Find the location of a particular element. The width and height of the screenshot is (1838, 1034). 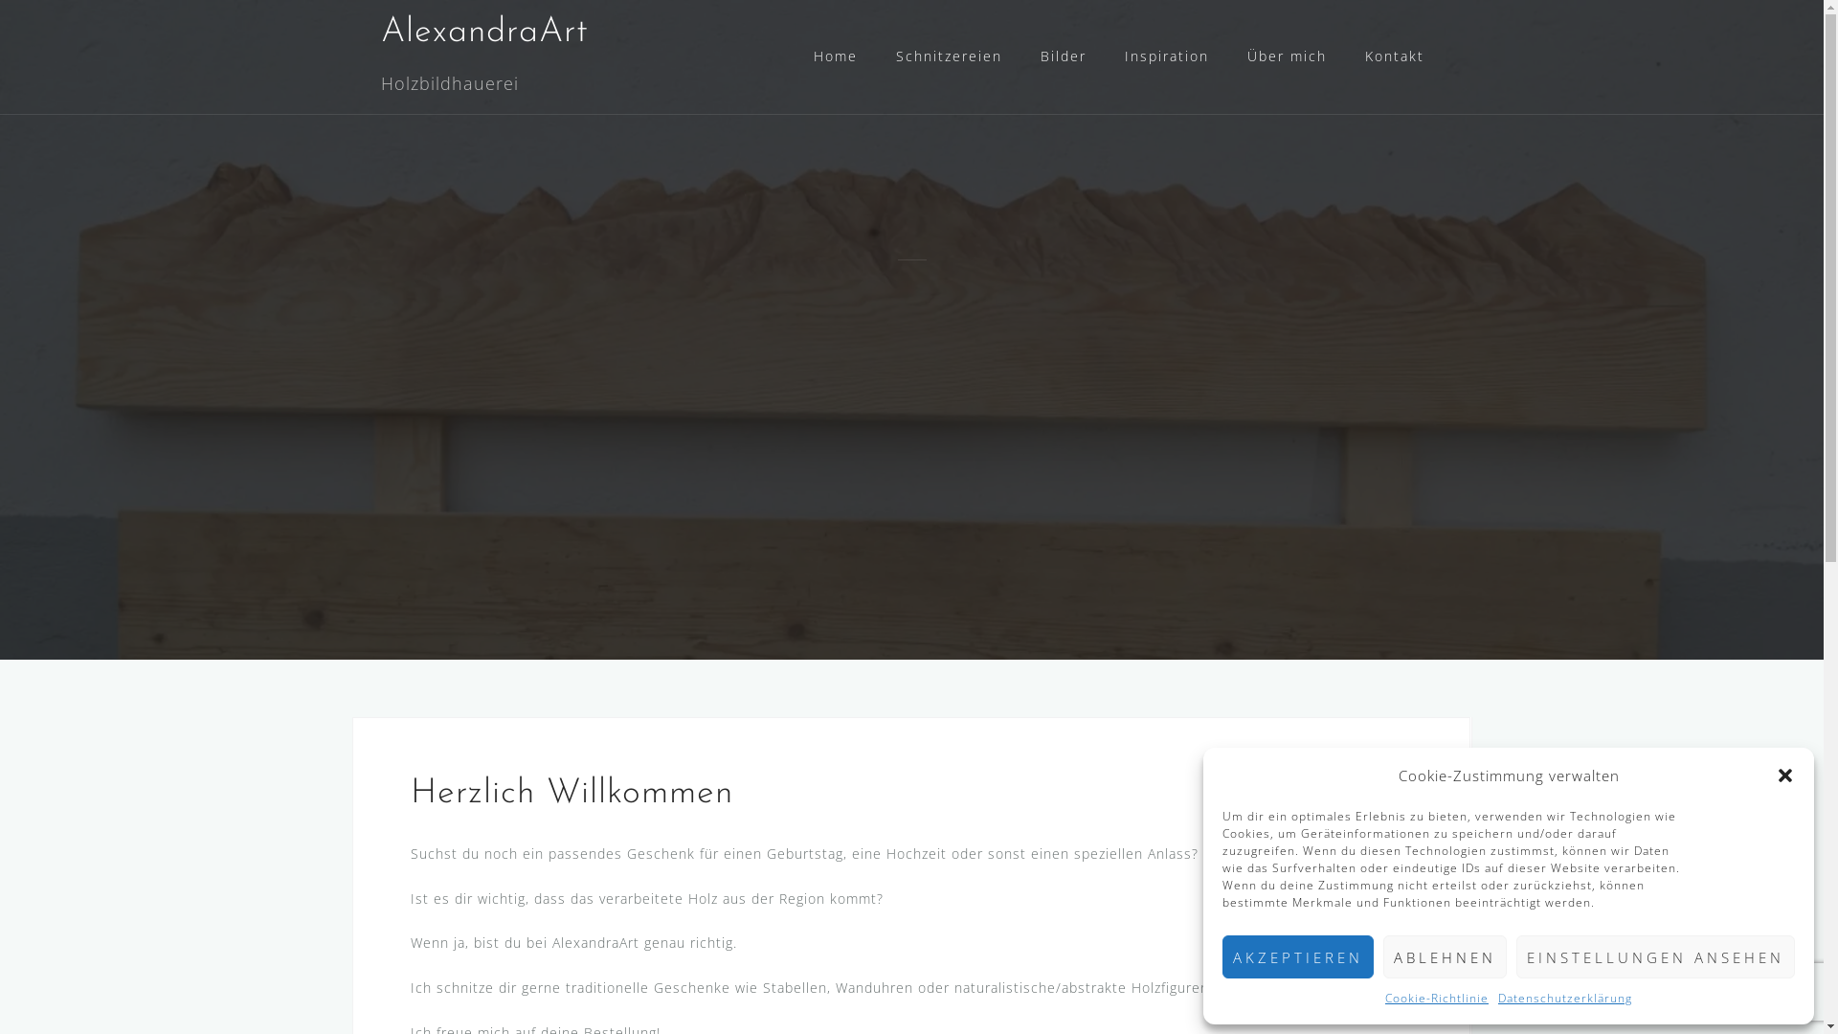

'AlexandraArt' is located at coordinates (381, 33).